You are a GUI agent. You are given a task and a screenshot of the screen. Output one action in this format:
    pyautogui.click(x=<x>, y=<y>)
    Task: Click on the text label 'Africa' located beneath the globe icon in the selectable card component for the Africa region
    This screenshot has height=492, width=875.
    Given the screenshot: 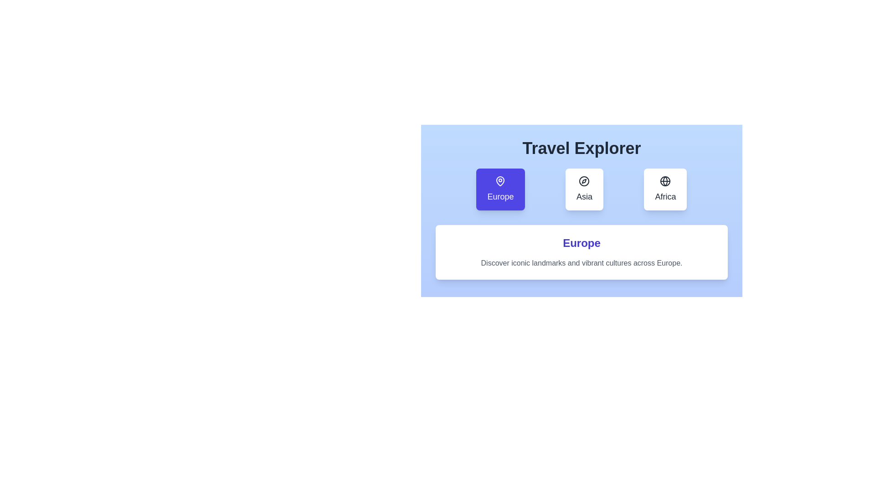 What is the action you would take?
    pyautogui.click(x=665, y=196)
    